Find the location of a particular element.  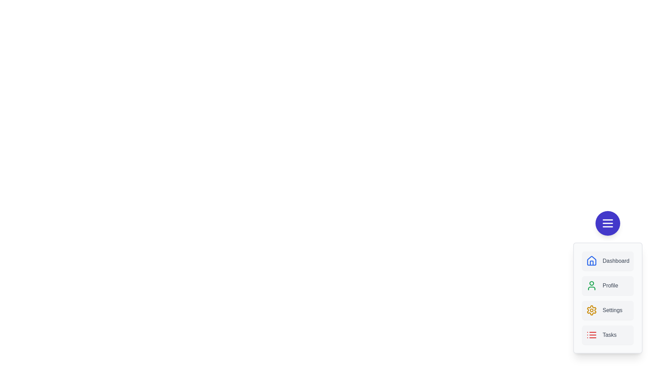

the menu item labeled Settings to observe visual feedback is located at coordinates (608, 310).